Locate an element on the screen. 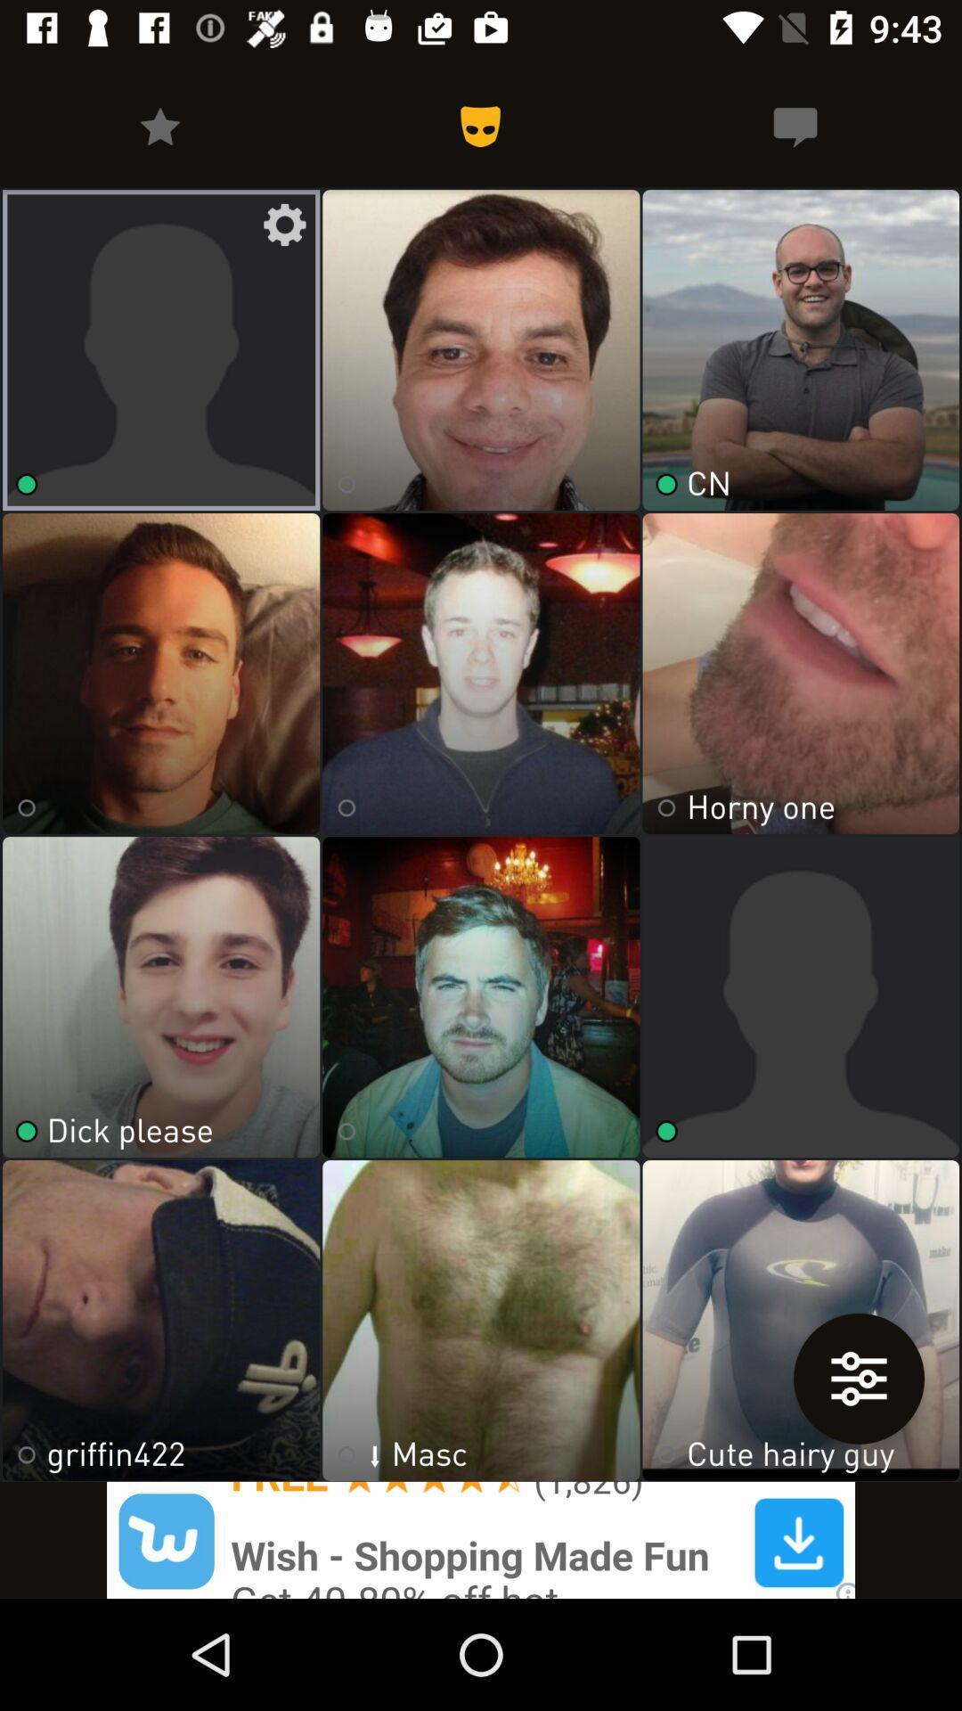 This screenshot has height=1711, width=962. advertising is located at coordinates (481, 1539).